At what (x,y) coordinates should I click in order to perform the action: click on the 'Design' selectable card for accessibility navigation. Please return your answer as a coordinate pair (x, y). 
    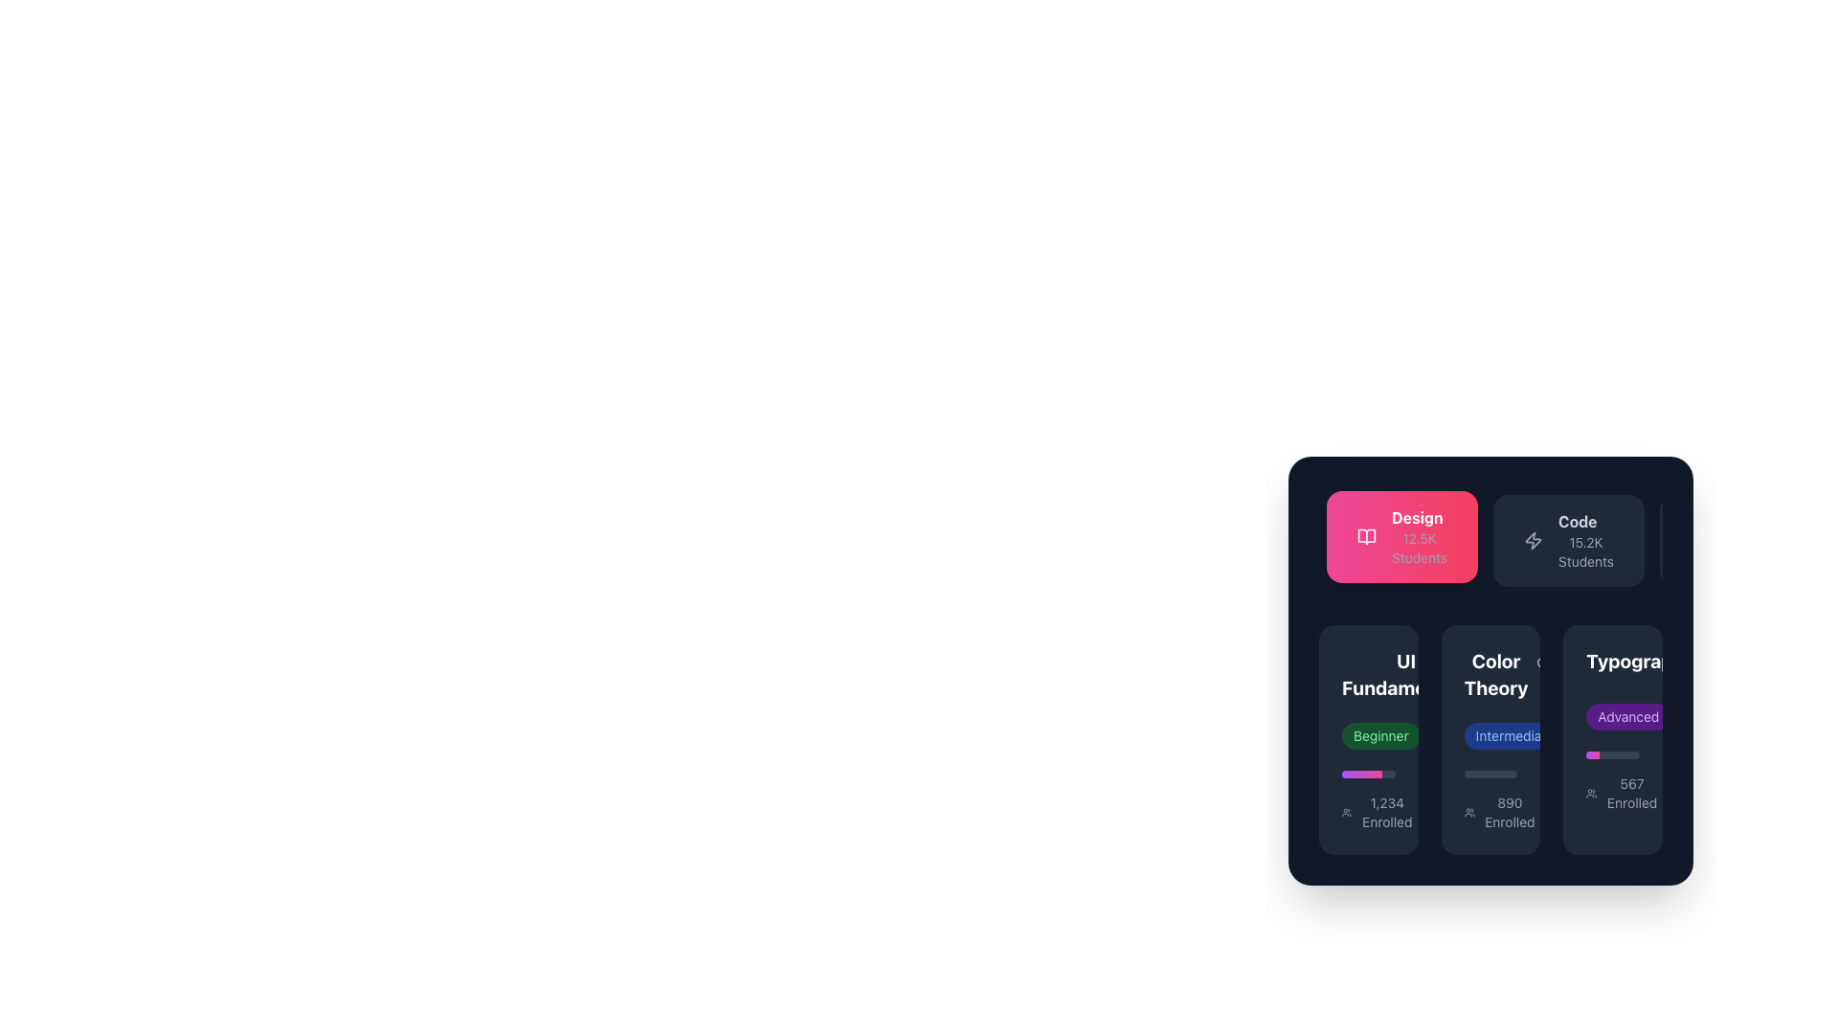
    Looking at the image, I should click on (1401, 536).